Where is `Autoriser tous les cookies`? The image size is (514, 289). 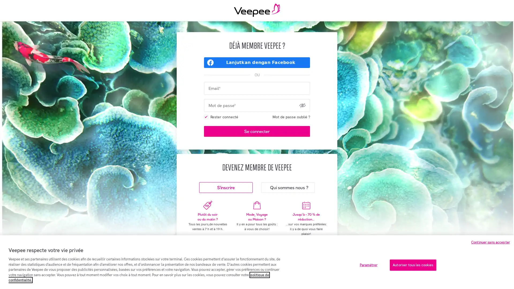
Autoriser tous les cookies is located at coordinates (413, 265).